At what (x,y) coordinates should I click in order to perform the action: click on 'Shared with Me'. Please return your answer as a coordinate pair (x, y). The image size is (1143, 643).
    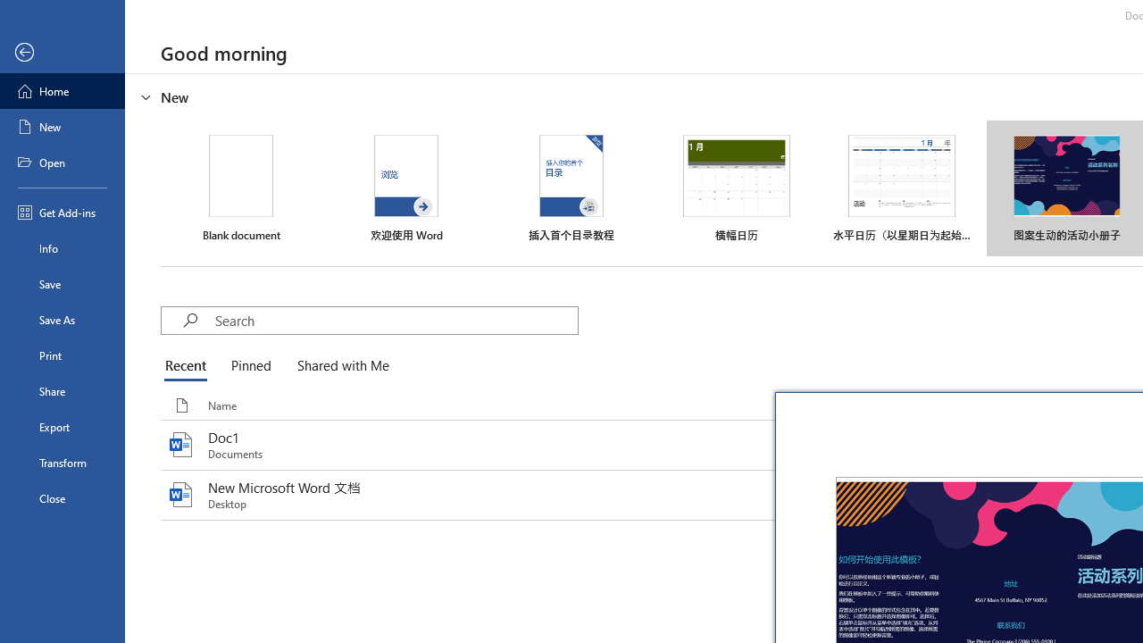
    Looking at the image, I should click on (339, 366).